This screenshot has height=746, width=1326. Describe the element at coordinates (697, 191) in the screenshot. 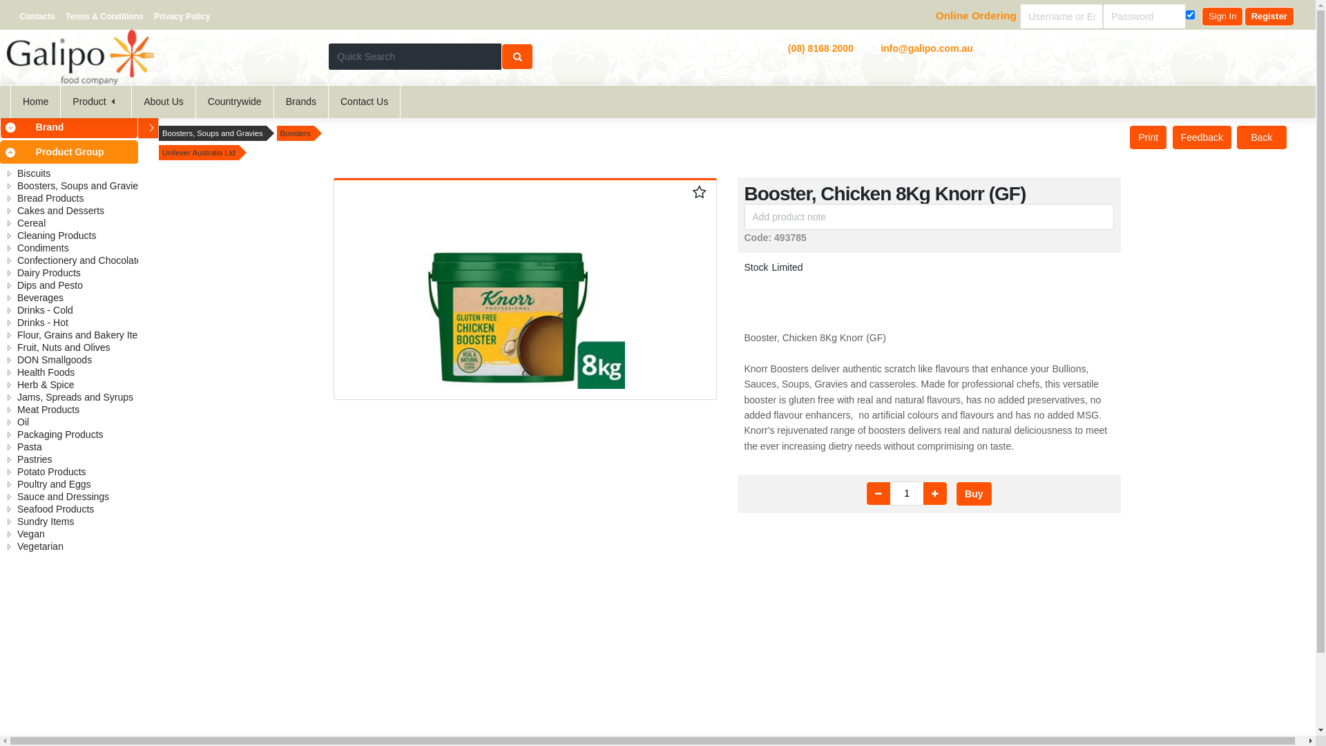

I see `'Click to add item to your favourites'` at that location.